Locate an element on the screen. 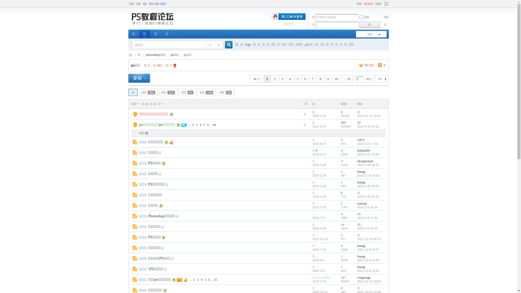  '10' is located at coordinates (336, 79).